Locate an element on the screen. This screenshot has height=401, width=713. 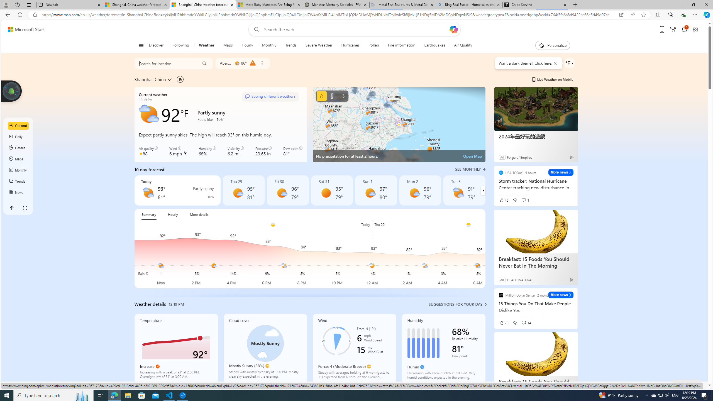
'Forge of Empires' is located at coordinates (519, 157).